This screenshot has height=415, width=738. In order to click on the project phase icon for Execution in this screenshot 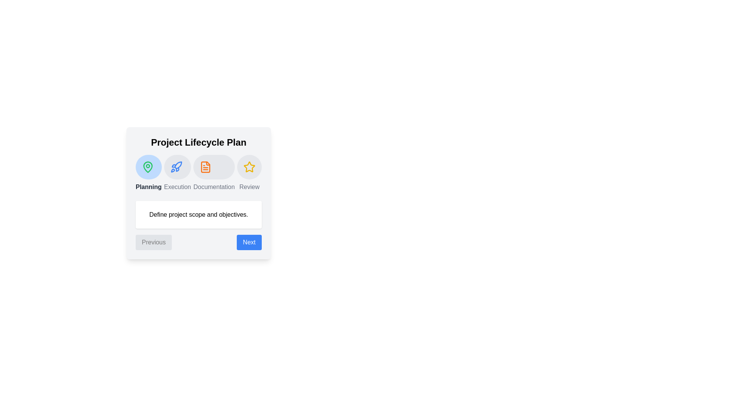, I will do `click(177, 167)`.